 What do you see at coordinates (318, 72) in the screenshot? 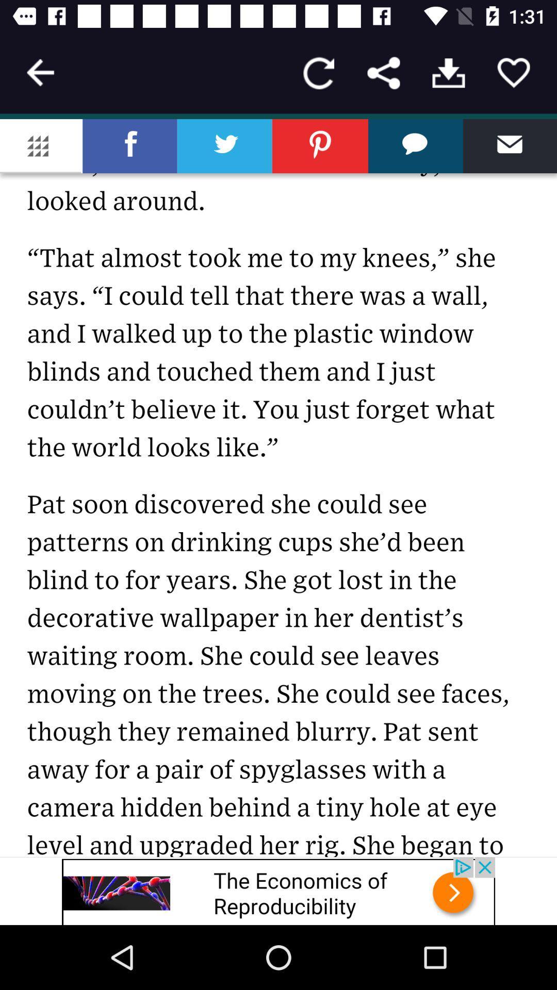
I see `the refresh icon` at bounding box center [318, 72].